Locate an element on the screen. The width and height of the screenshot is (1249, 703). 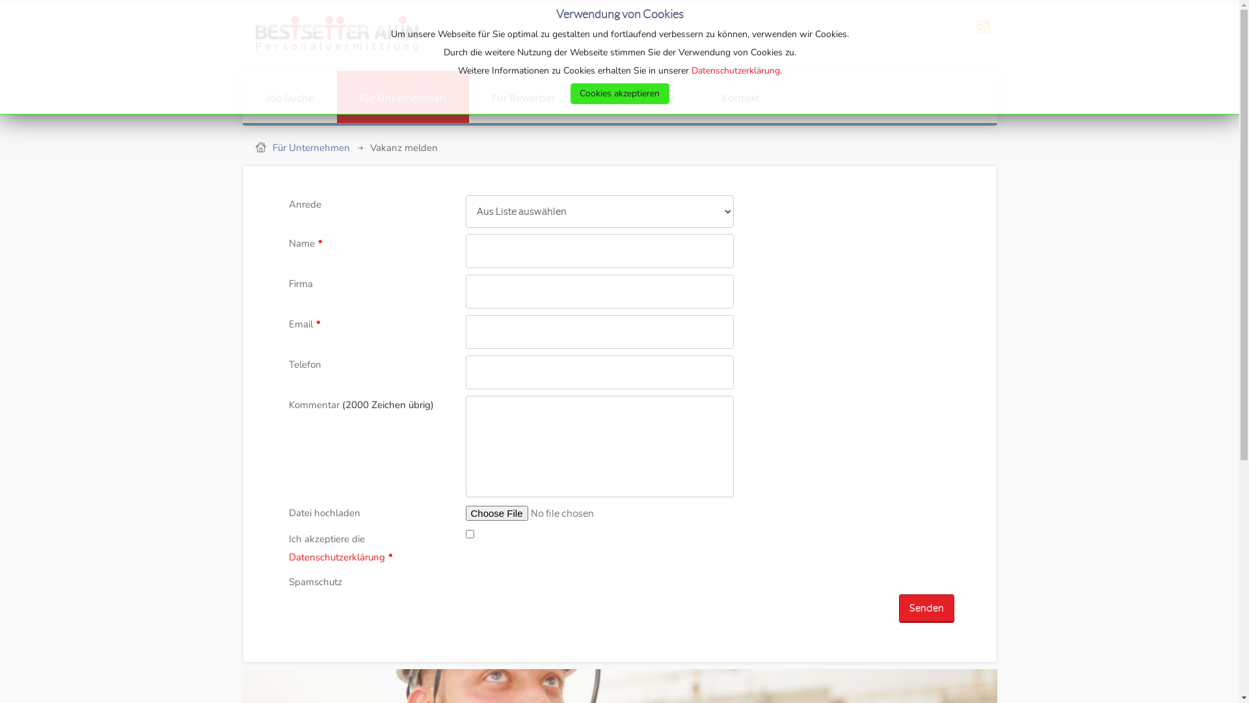
'Senden' is located at coordinates (898, 608).